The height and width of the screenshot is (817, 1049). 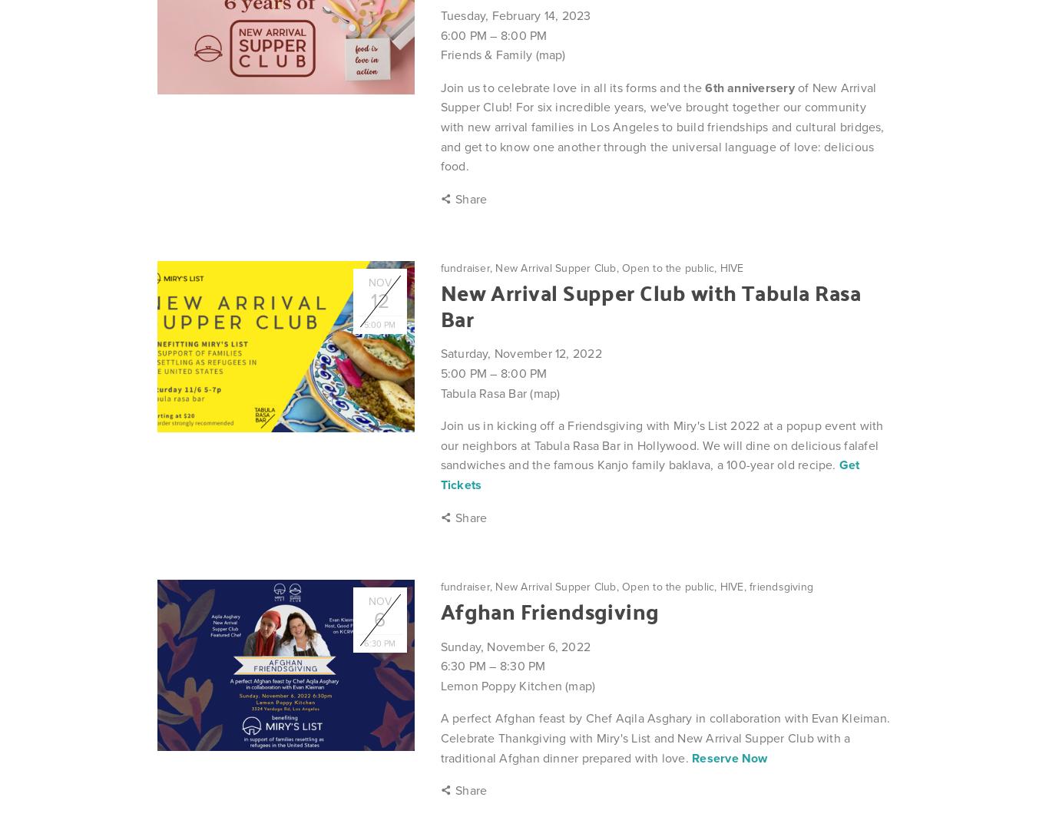 What do you see at coordinates (571, 87) in the screenshot?
I see `'Join us to celebrate love in all its forms and the'` at bounding box center [571, 87].